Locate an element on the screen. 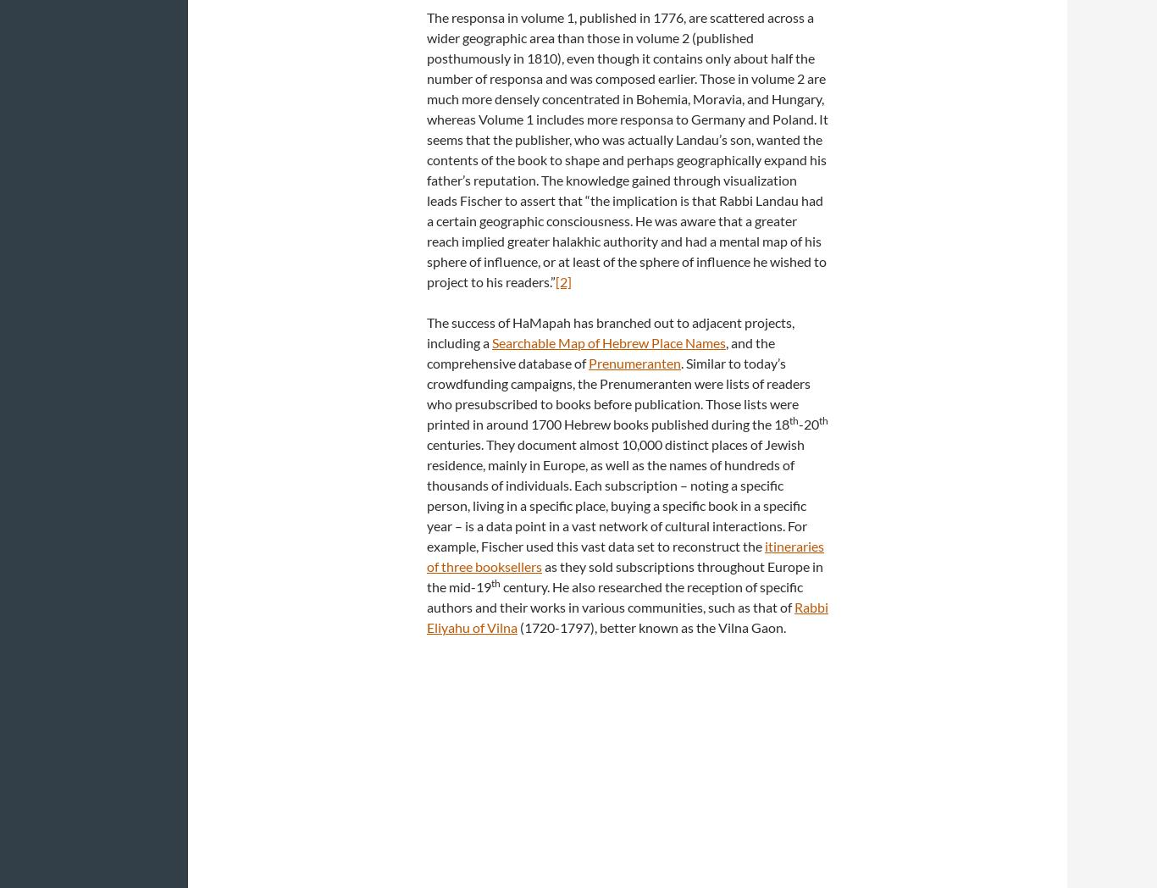  '. Similar to today’s crowdfunding campaigns, the Prenumeranten were lists of readers who presubscribed to books before publication. Those lists were printed in around 1700 Hebrew books published during the 18' is located at coordinates (618, 392).